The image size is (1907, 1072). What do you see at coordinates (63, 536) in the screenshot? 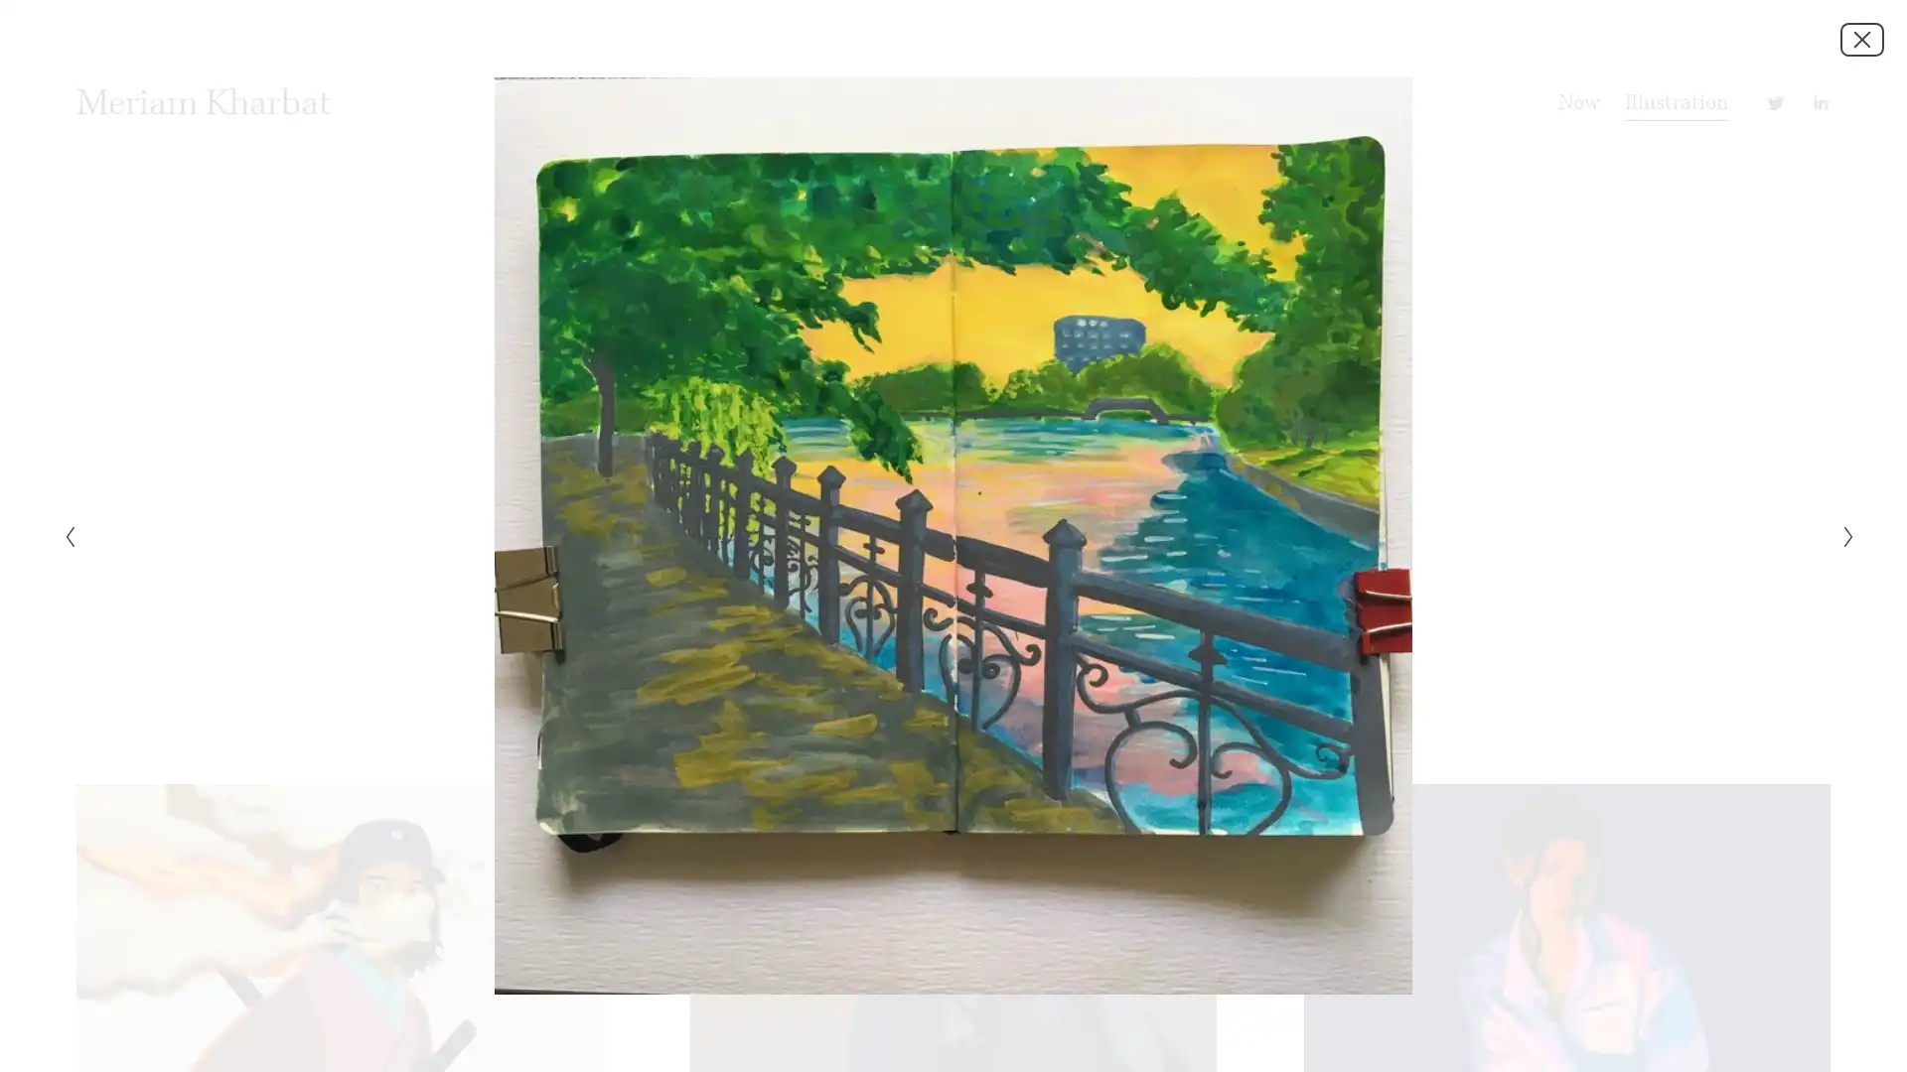
I see `Previous Slide` at bounding box center [63, 536].